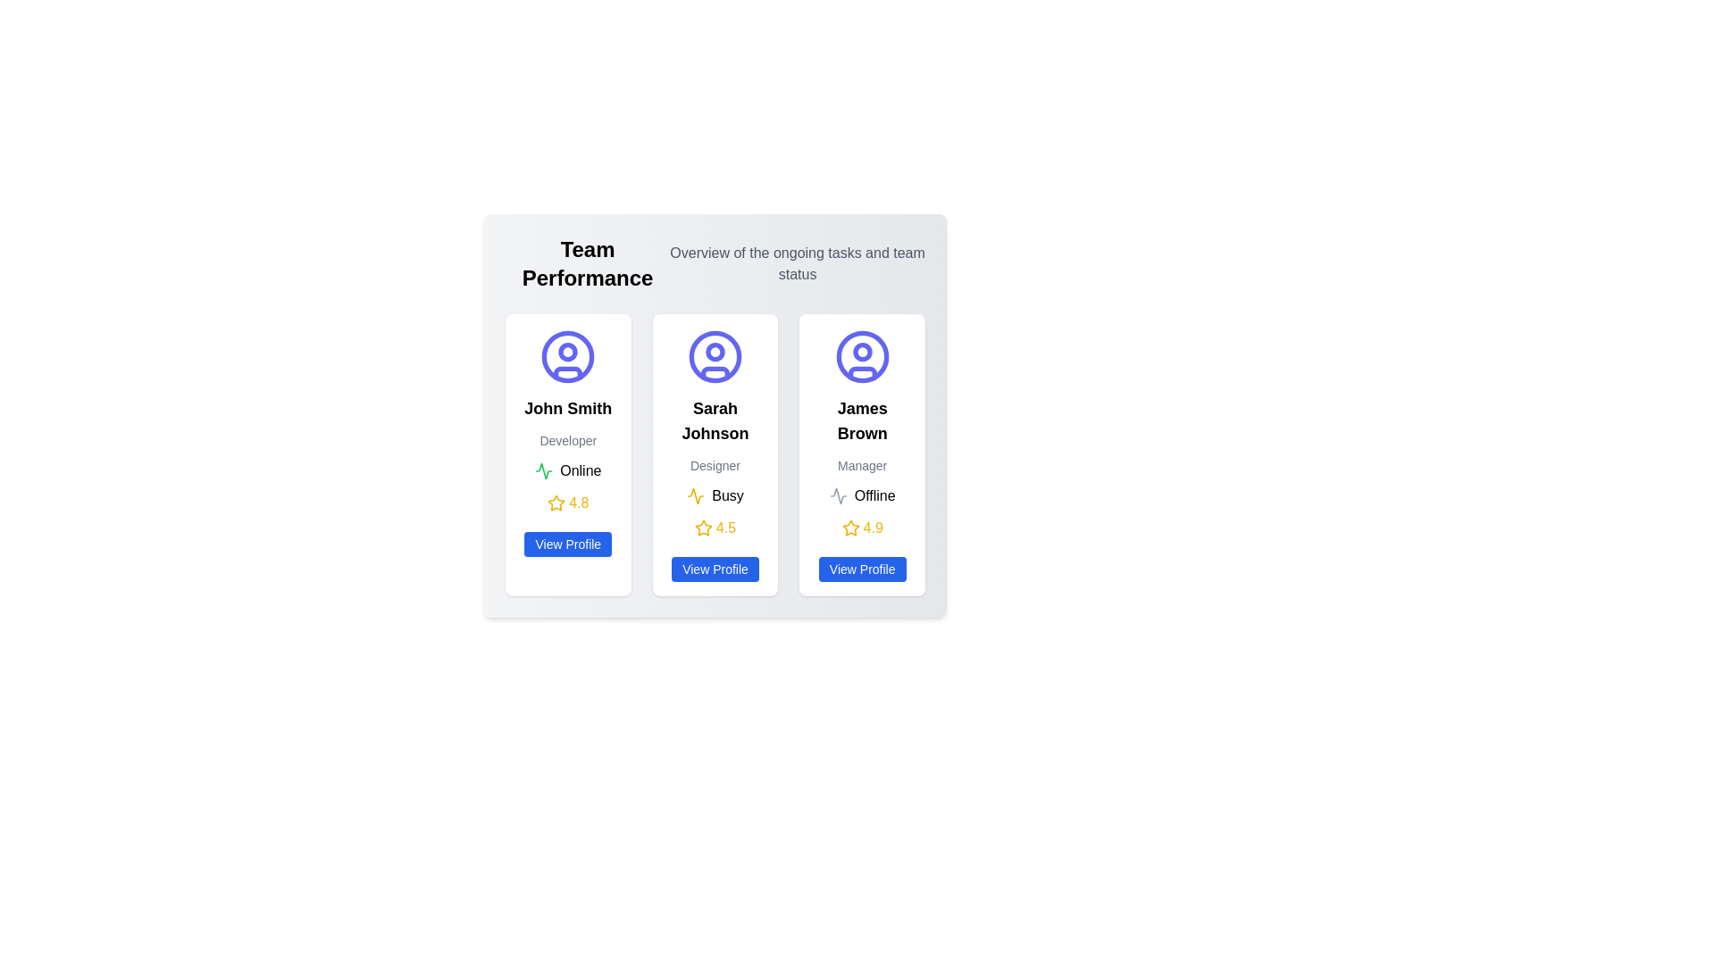 The image size is (1715, 964). Describe the element at coordinates (702, 527) in the screenshot. I see `the star icon representing the rating system for 'Sarah Johnson' with a score of '4.5', located beneath the 'Busy' status indicator` at that location.